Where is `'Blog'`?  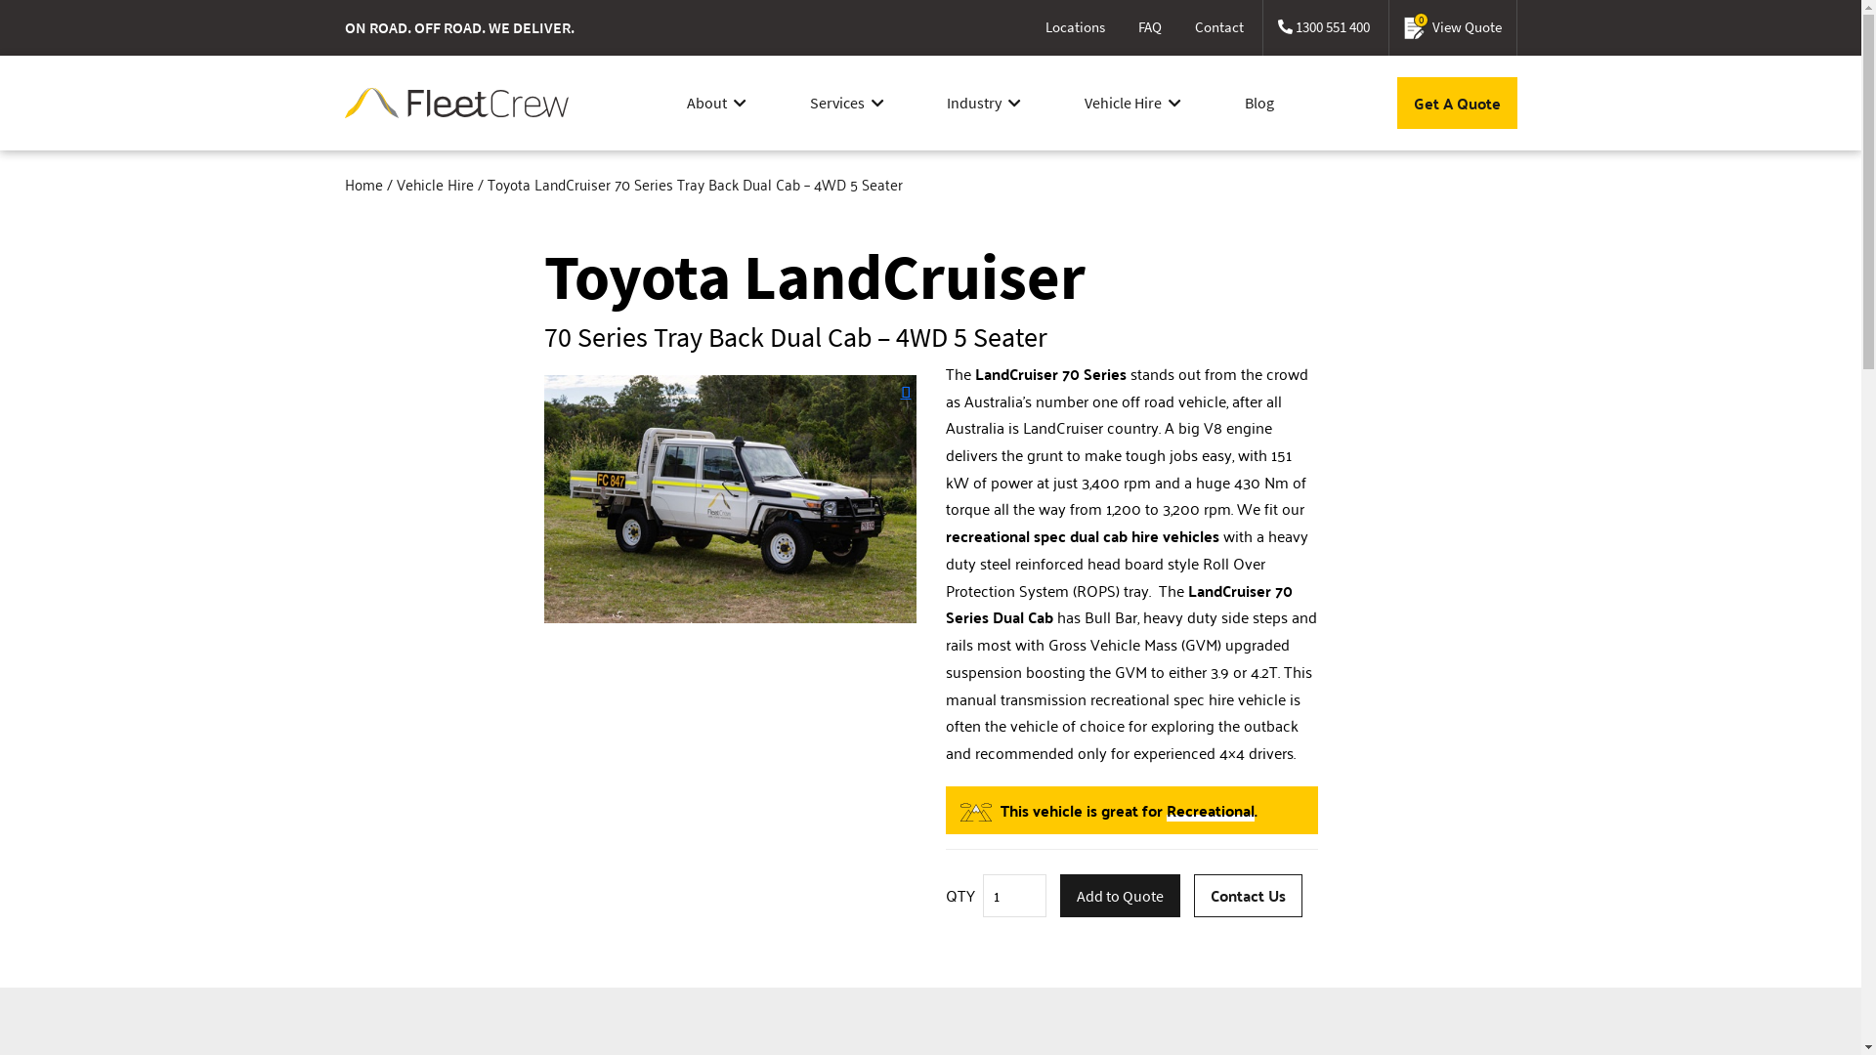
'Blog' is located at coordinates (1259, 102).